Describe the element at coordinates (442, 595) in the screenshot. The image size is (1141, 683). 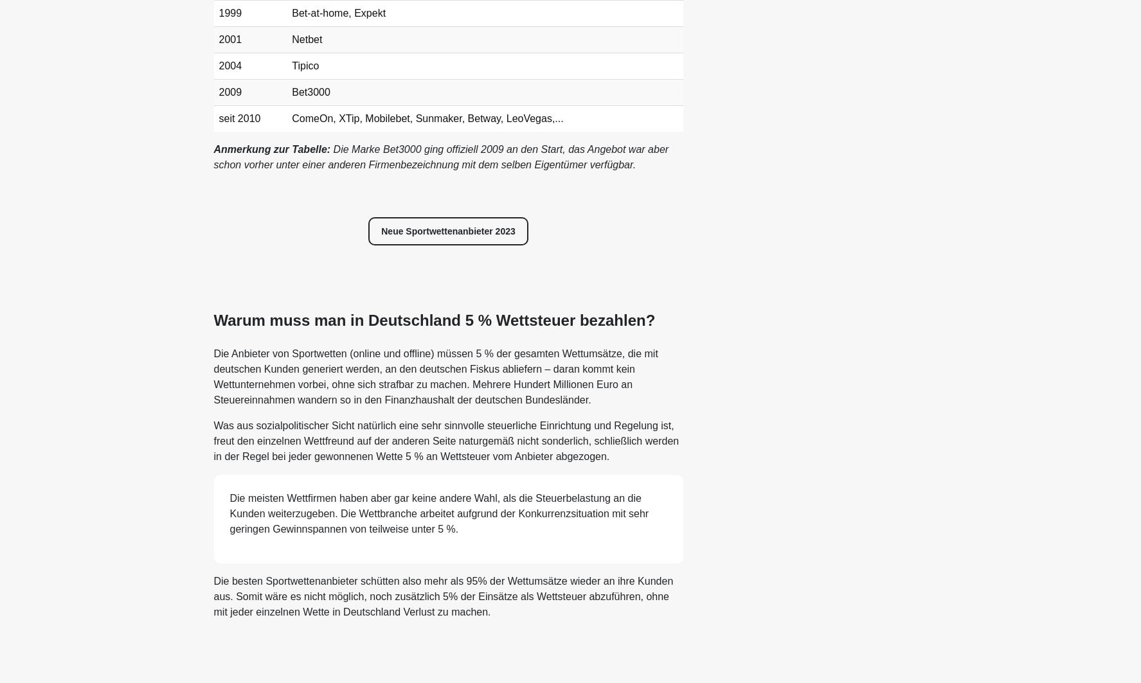
I see `'Die besten Sportwettenanbieter schütten also mehr als 95% der Wettumsätze wieder an ihre Kunden aus. Somit wäre es nicht möglich, noch zusätzlich 5% der Einsätze als Wettsteuer abzuführen, ohne mit jeder einzelnen Wette in Deutschland Verlust zu machen.'` at that location.